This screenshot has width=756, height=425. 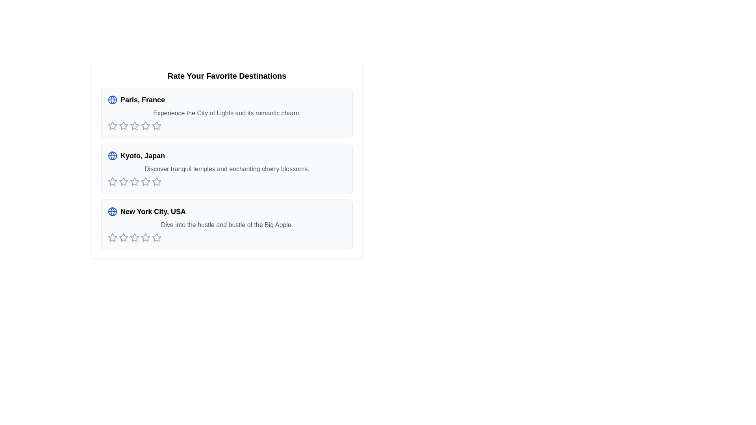 I want to click on the fourth star-shaped interactive rating icon associated with 'Kyoto, Japan', so click(x=157, y=181).